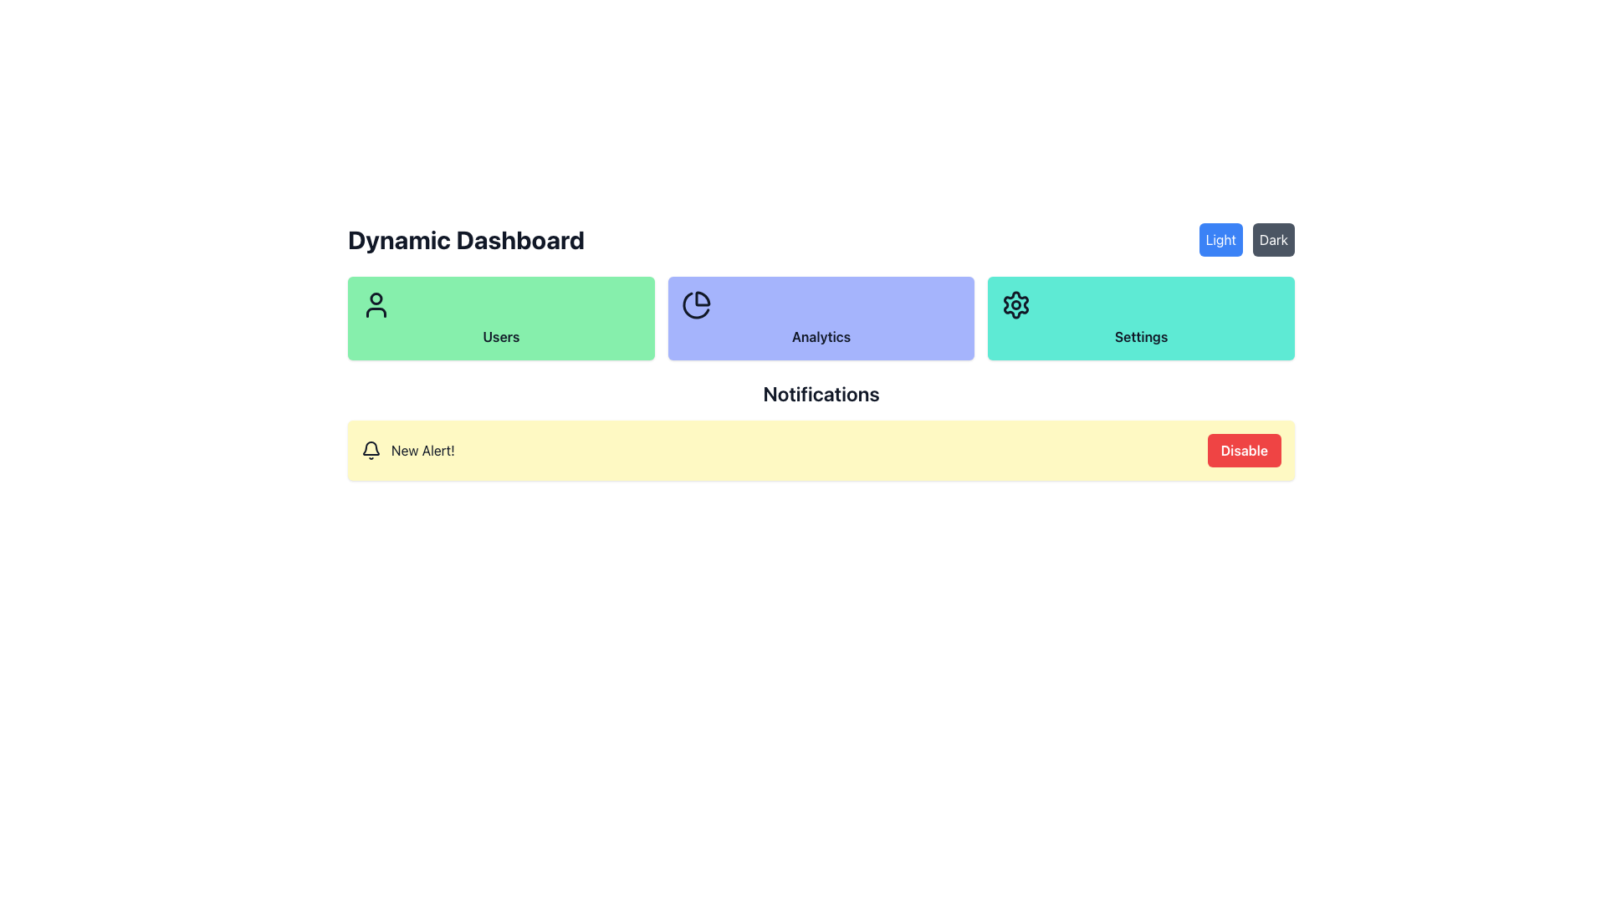 The width and height of the screenshot is (1606, 903). I want to click on the settings icon located within the teal-colored rectangular section labeled 'Settings' at the top-right corner of the main dashboard interface, so click(1015, 305).